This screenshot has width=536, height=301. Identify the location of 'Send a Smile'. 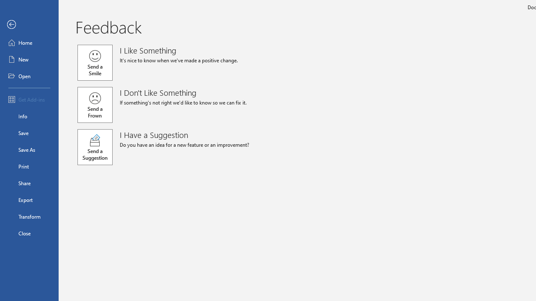
(95, 62).